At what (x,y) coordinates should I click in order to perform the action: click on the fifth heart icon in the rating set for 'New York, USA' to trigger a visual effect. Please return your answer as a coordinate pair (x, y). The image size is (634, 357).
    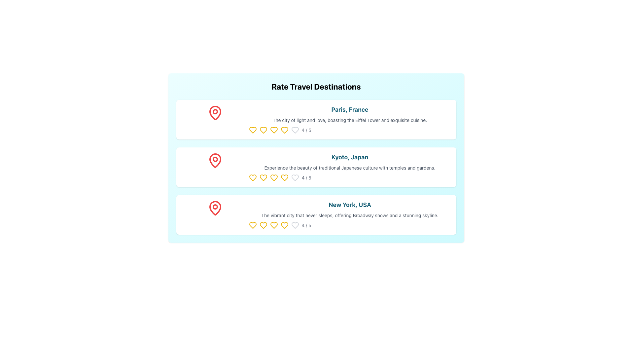
    Looking at the image, I should click on (274, 225).